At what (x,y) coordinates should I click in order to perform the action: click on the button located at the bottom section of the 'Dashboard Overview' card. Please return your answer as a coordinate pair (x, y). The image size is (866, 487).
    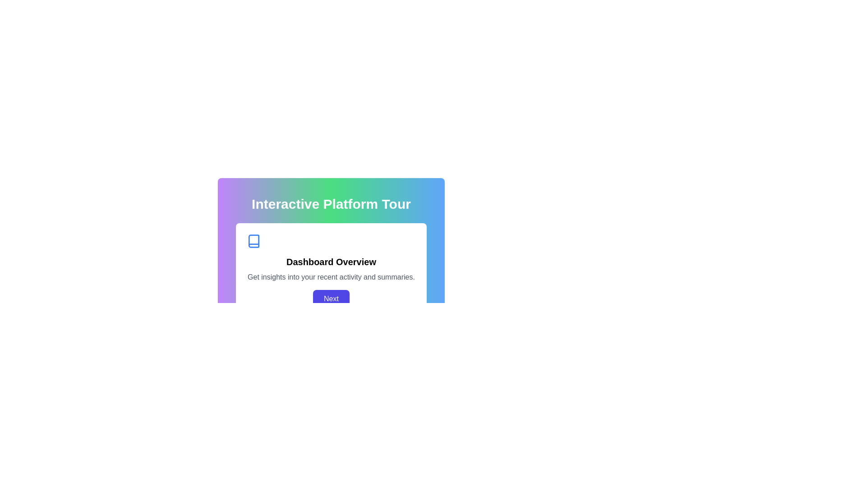
    Looking at the image, I should click on (331, 299).